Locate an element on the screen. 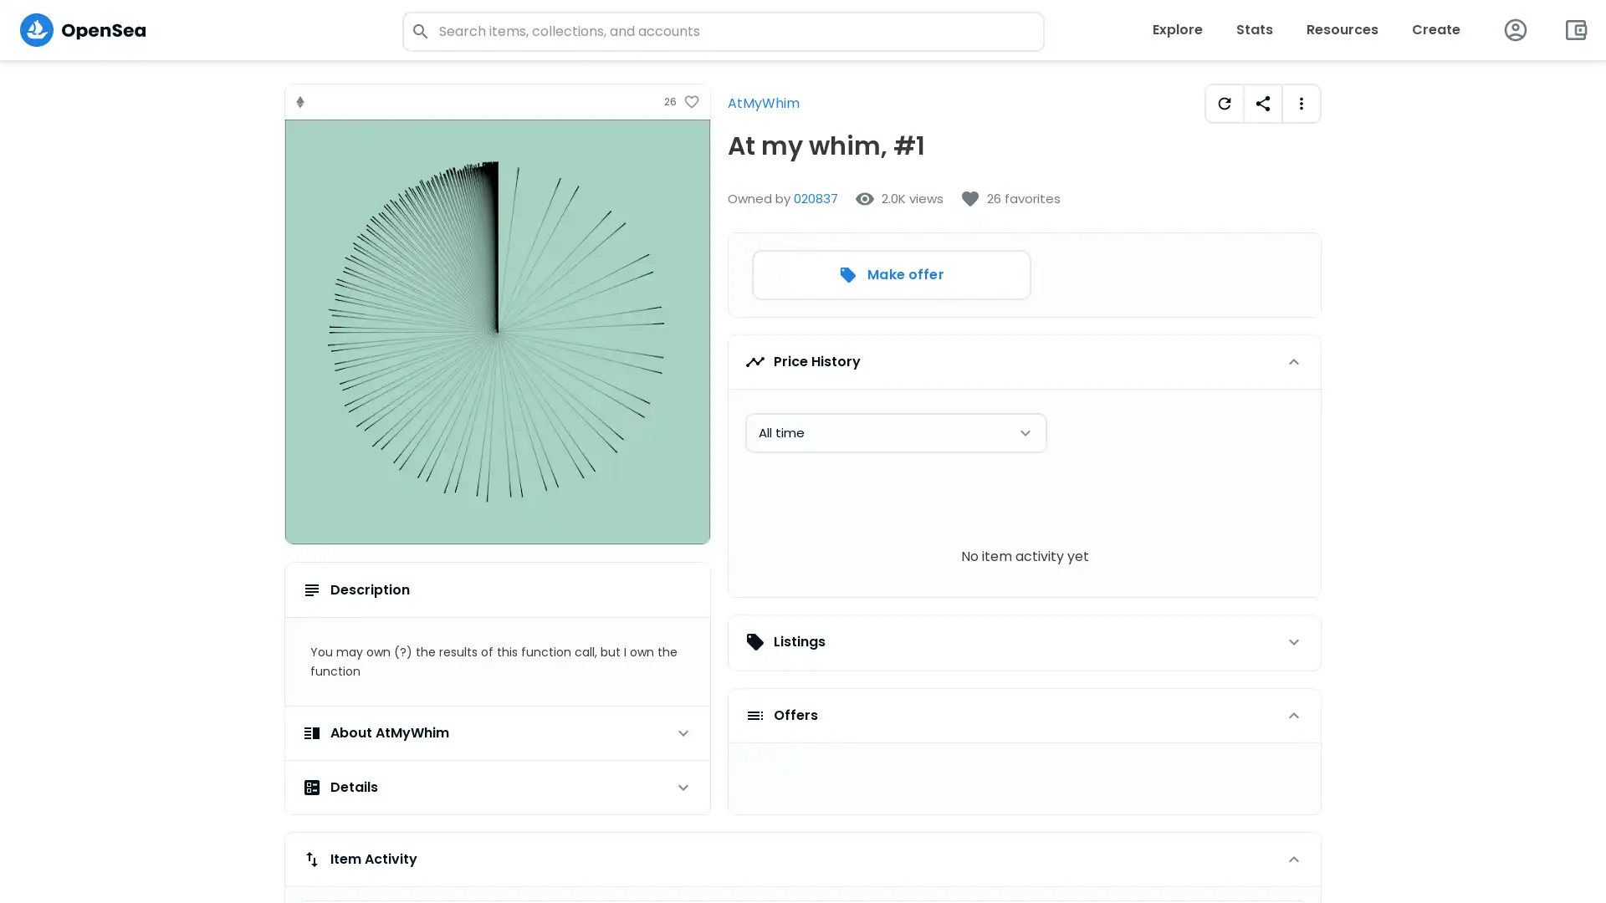 Image resolution: width=1606 pixels, height=903 pixels. Favorite is located at coordinates (691, 102).